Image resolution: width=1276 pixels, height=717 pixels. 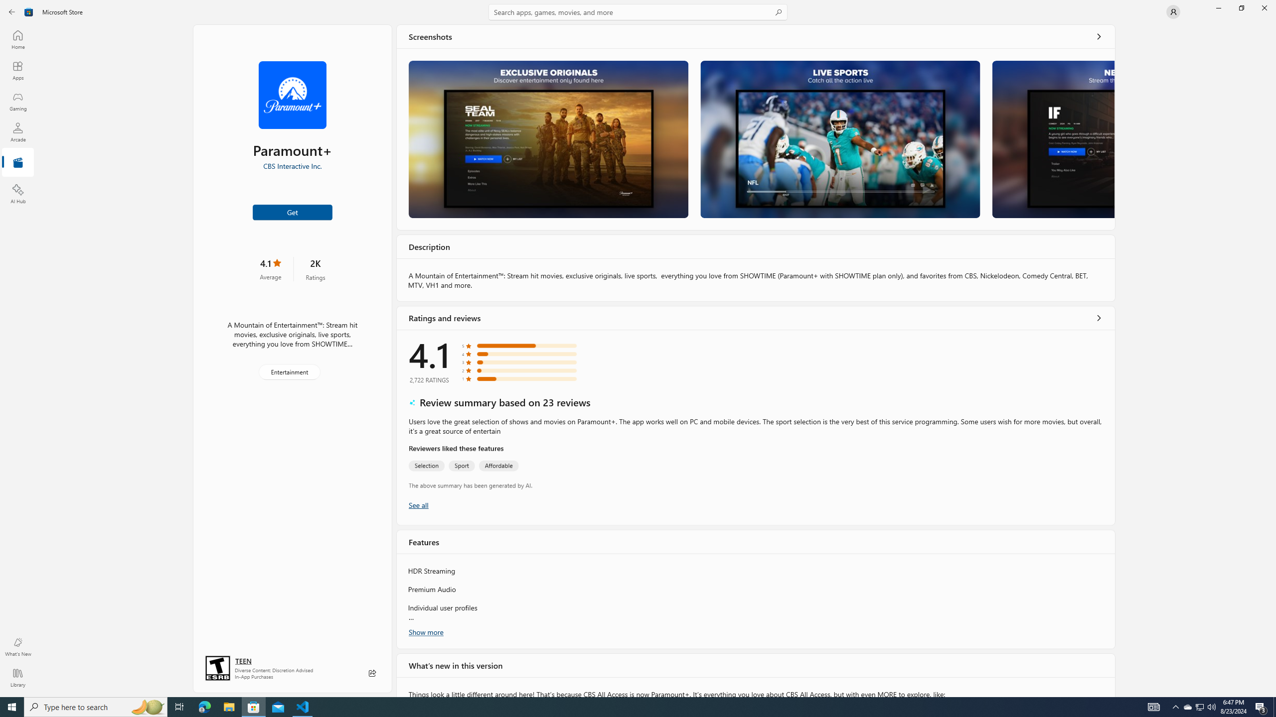 I want to click on 'Show all ratings and reviews', so click(x=1099, y=317).